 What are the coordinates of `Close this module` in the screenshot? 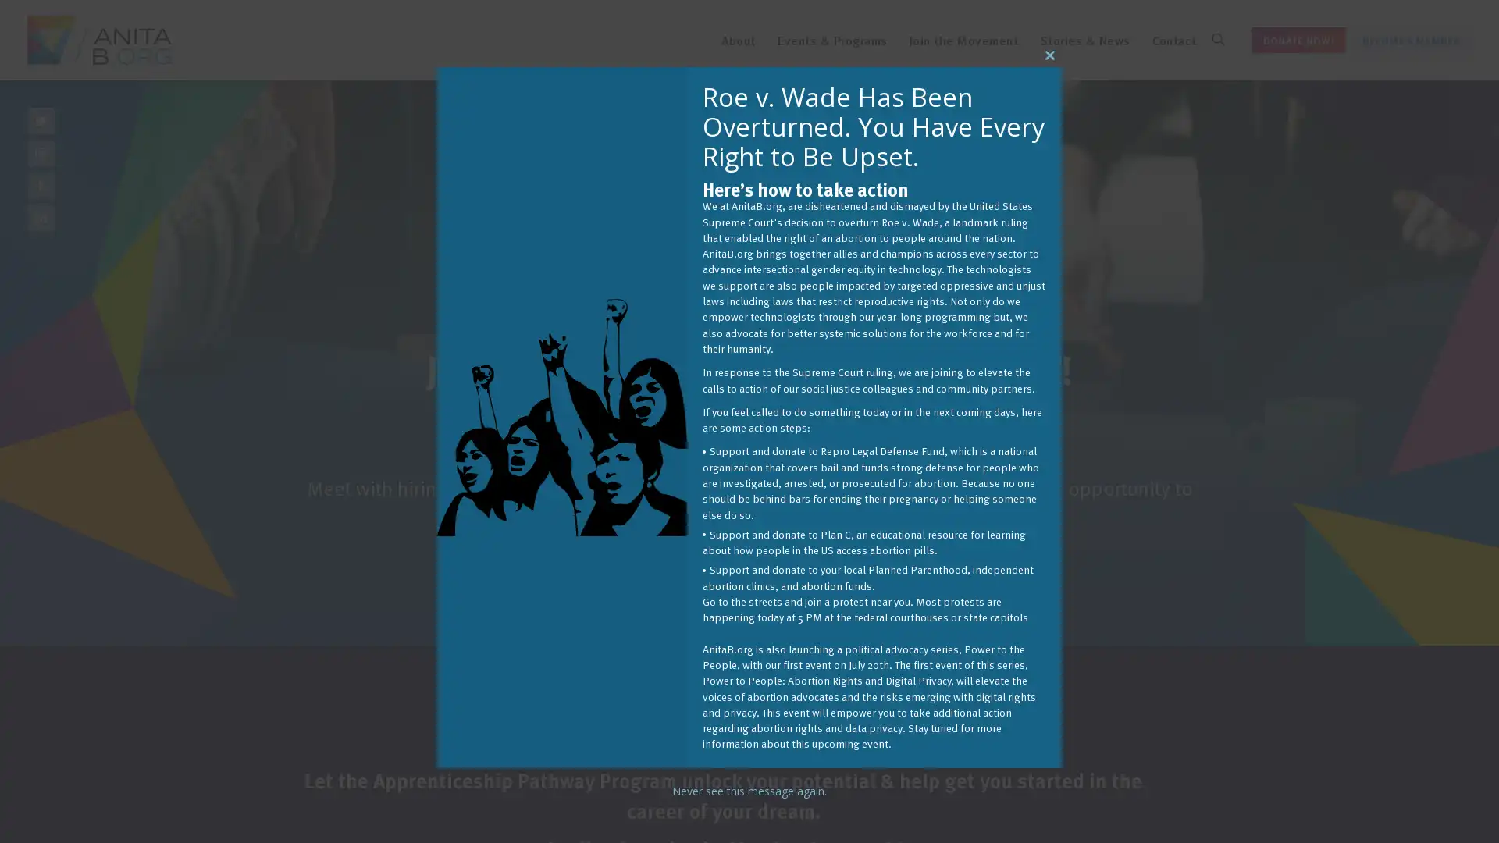 It's located at (1049, 54).